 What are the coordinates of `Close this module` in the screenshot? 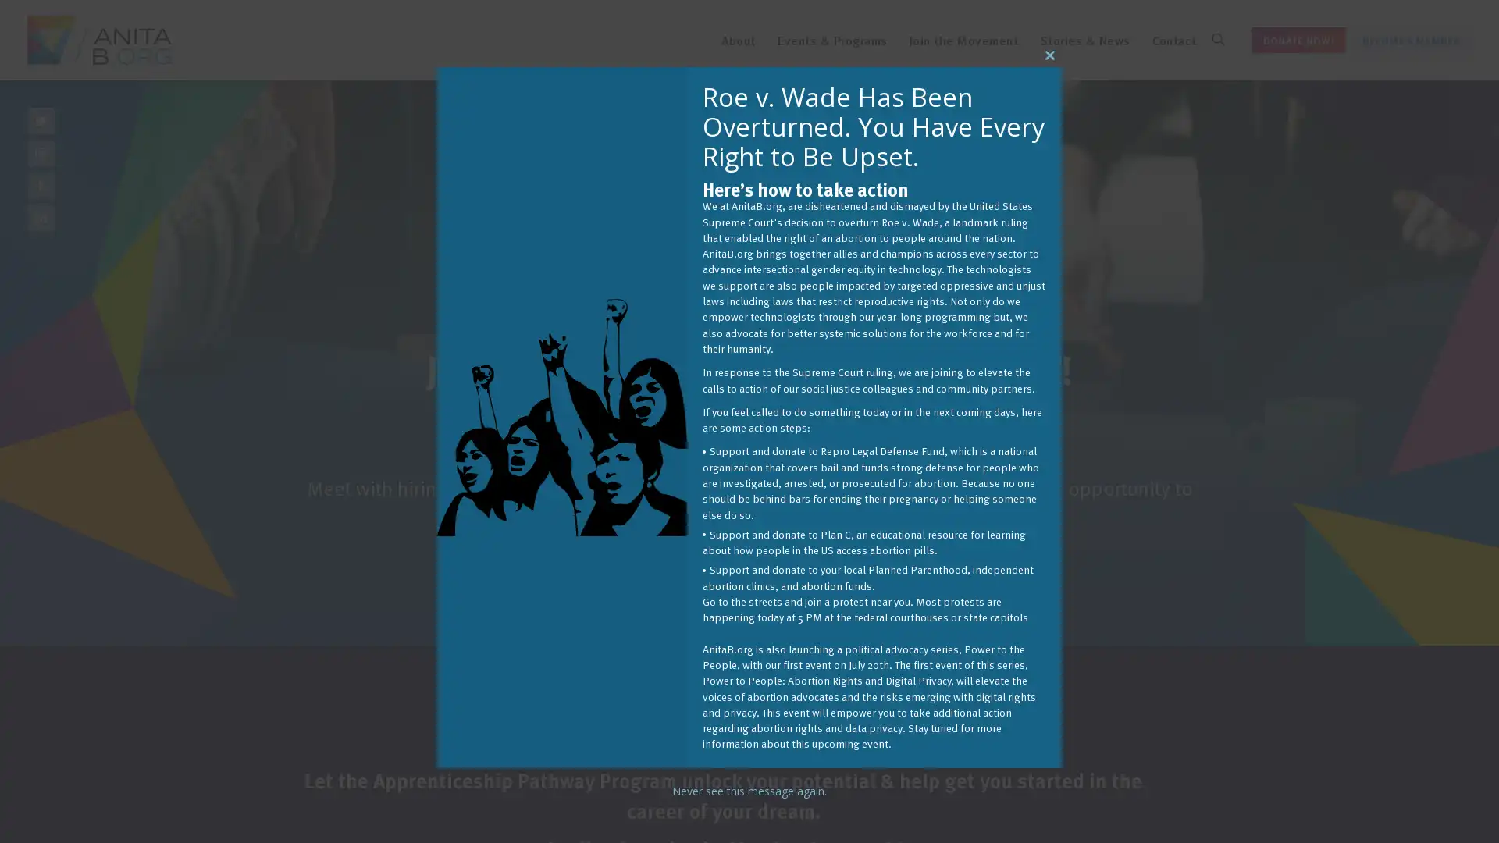 It's located at (1049, 54).